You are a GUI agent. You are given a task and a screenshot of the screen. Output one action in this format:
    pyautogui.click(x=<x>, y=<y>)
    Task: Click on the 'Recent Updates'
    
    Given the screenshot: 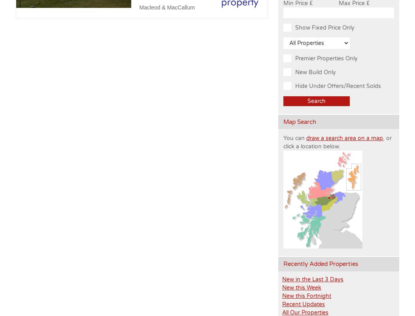 What is the action you would take?
    pyautogui.click(x=303, y=303)
    